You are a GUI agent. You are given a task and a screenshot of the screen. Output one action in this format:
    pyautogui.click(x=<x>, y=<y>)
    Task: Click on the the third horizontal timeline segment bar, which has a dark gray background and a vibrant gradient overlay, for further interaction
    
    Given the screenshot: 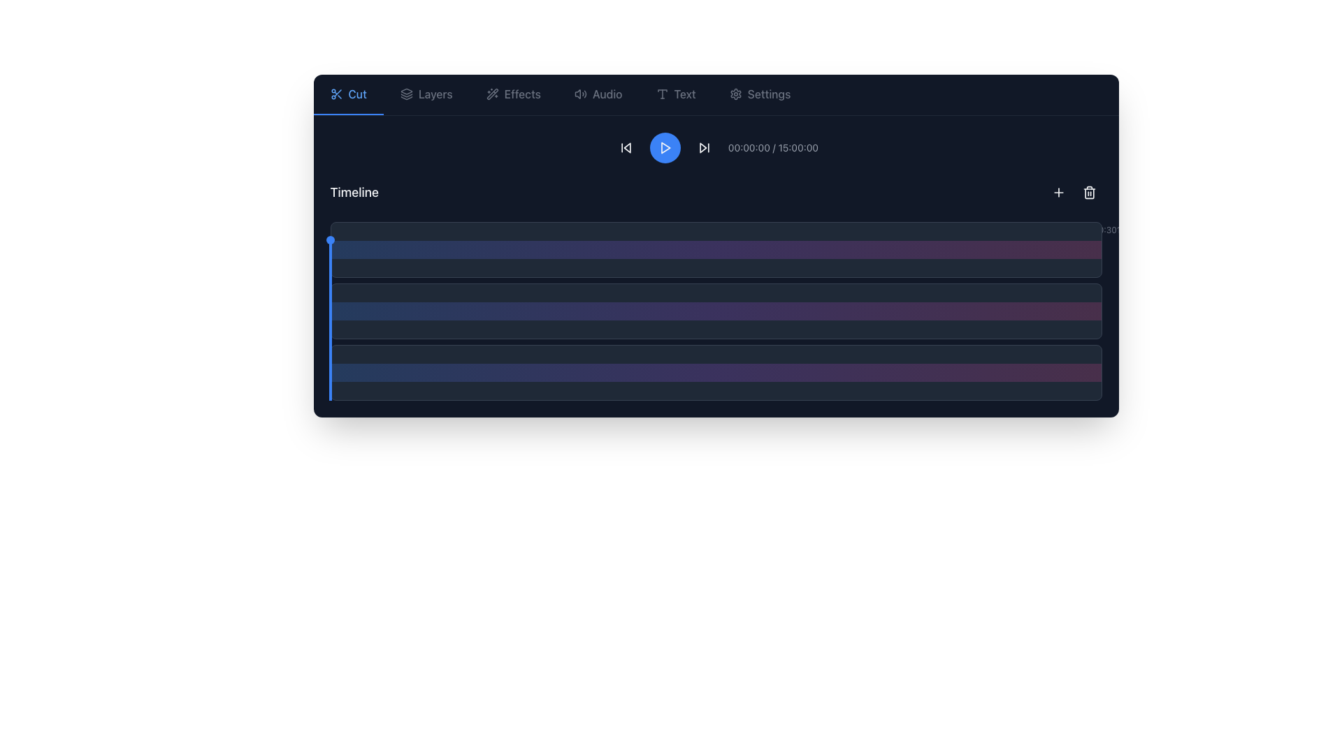 What is the action you would take?
    pyautogui.click(x=716, y=371)
    